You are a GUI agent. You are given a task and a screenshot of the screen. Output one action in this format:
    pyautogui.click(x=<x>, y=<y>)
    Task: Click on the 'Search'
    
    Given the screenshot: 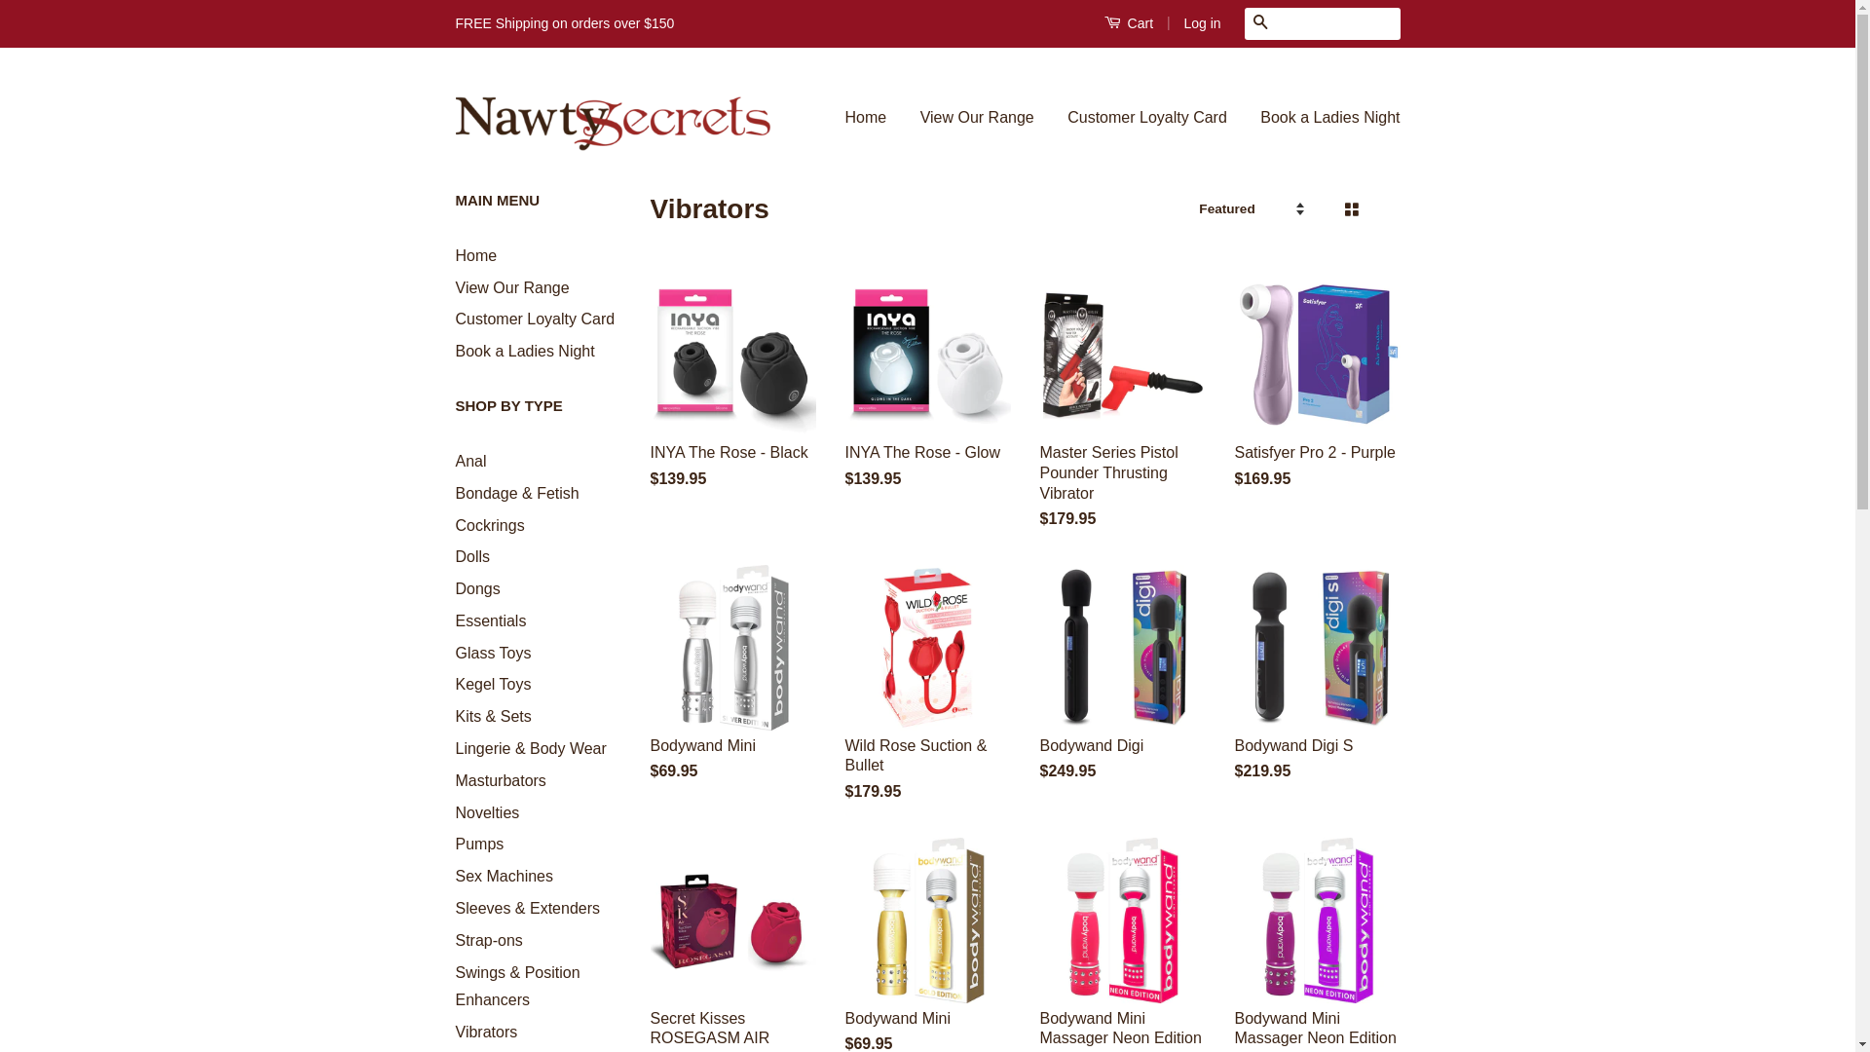 What is the action you would take?
    pyautogui.click(x=1260, y=23)
    